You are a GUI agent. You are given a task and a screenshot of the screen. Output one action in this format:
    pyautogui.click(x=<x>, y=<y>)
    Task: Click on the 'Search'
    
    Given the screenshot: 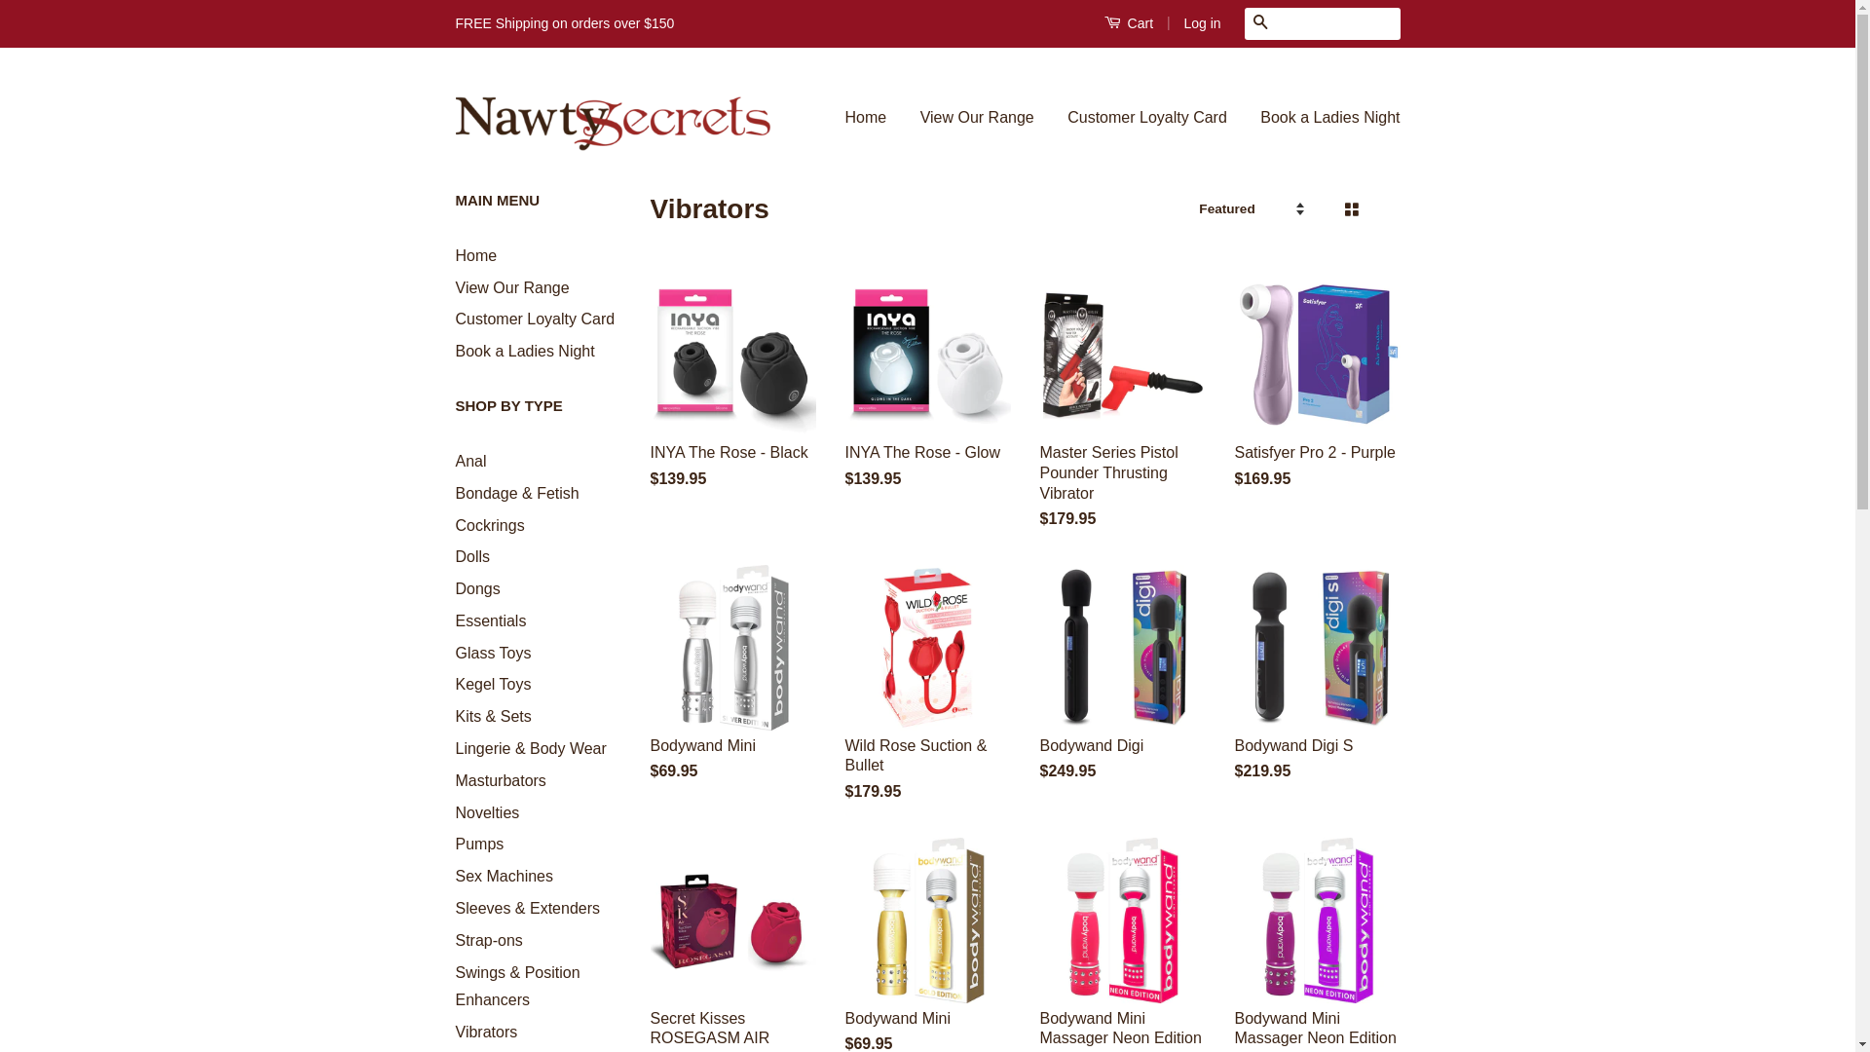 What is the action you would take?
    pyautogui.click(x=1260, y=23)
    